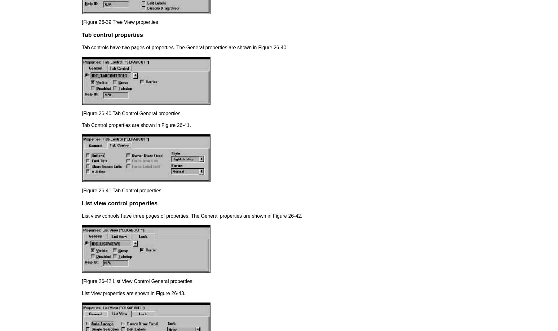 The width and height of the screenshot is (558, 331). What do you see at coordinates (82, 281) in the screenshot?
I see `'[Figure 26-42 List View Control General properties'` at bounding box center [82, 281].